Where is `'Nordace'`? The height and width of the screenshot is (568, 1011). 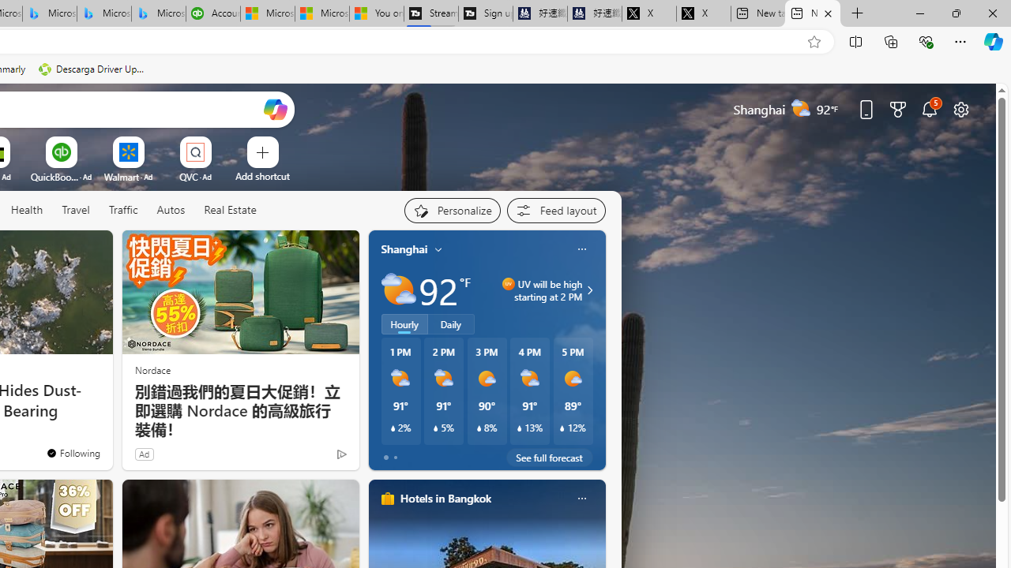
'Nordace' is located at coordinates (152, 369).